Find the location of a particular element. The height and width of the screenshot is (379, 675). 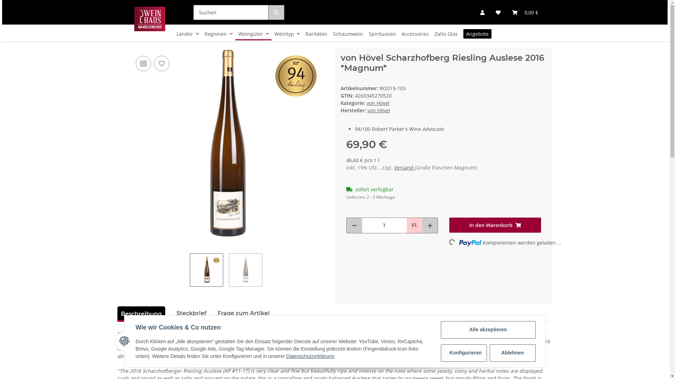

'In den Warenkorb' is located at coordinates (495, 225).